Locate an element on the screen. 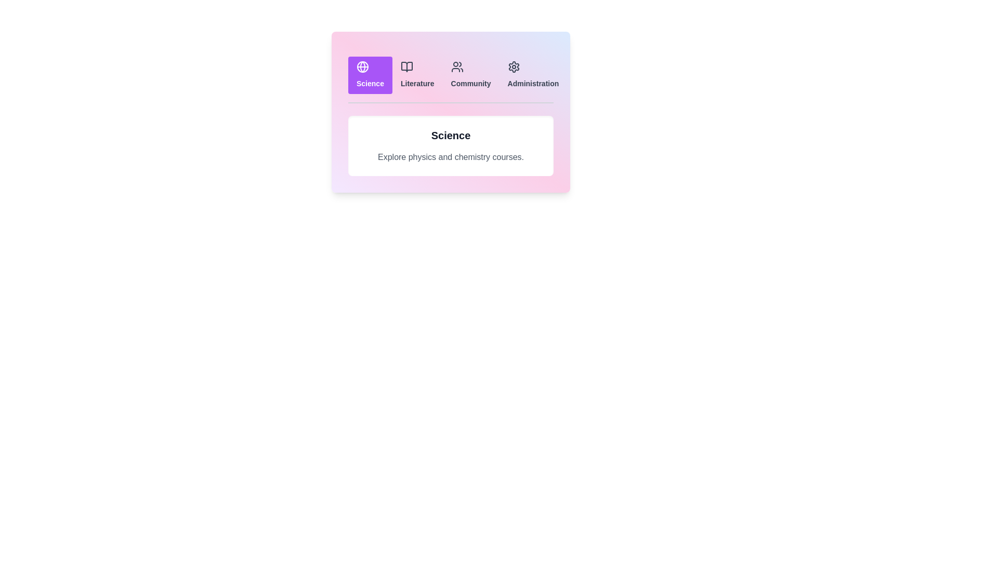  the Community tab is located at coordinates (470, 75).